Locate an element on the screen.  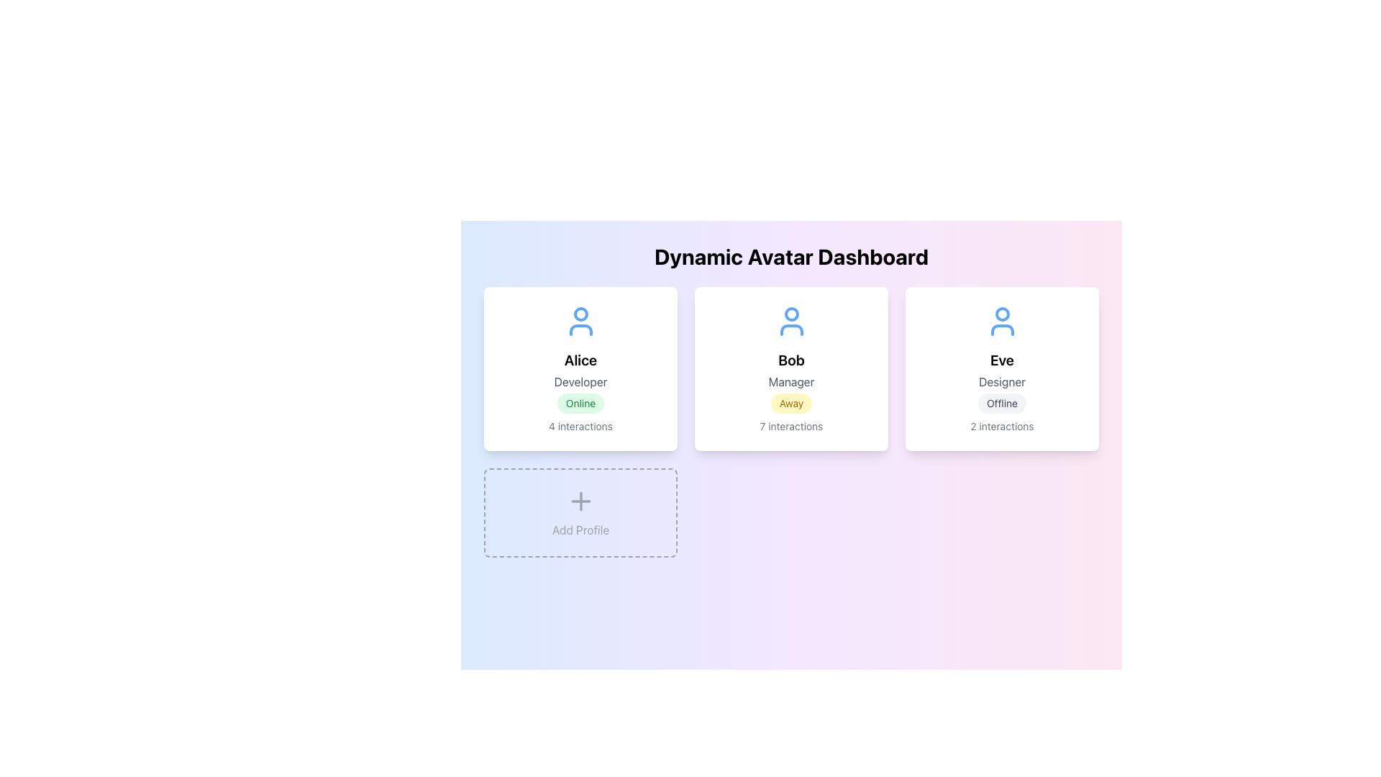
the profile card featuring the user avatar of a person in blue, with the name 'Alice' in bold and an 'Online' badge is located at coordinates (580, 368).